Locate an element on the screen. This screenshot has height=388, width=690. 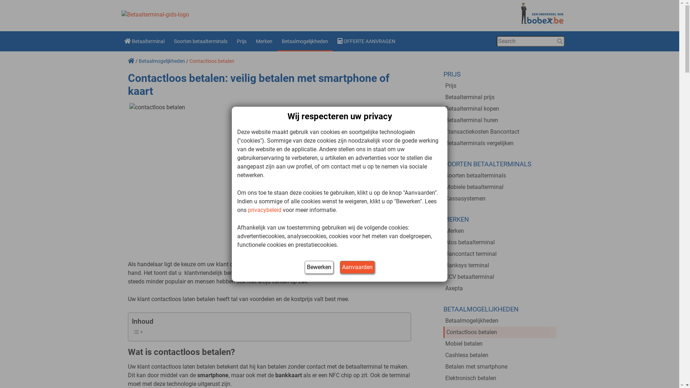
'Betaalterminals vergelijken' is located at coordinates (500, 143).